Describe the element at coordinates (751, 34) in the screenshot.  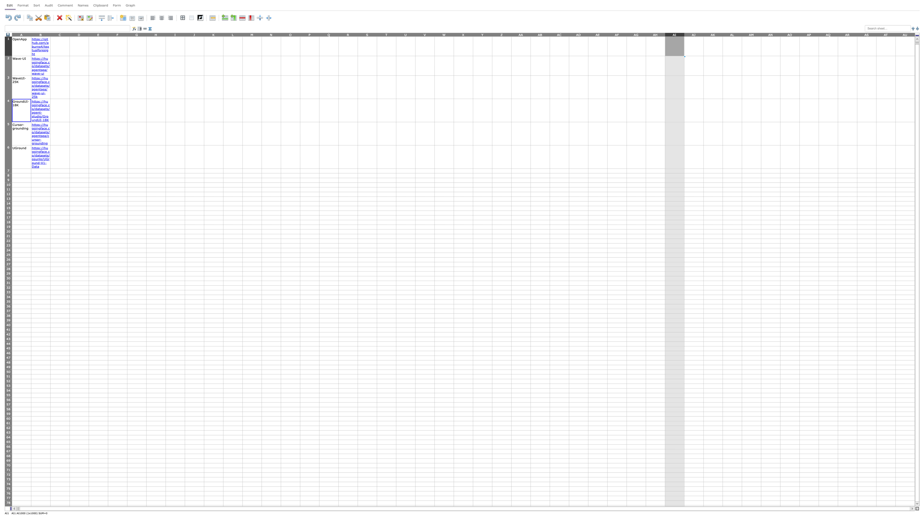
I see `column AM` at that location.